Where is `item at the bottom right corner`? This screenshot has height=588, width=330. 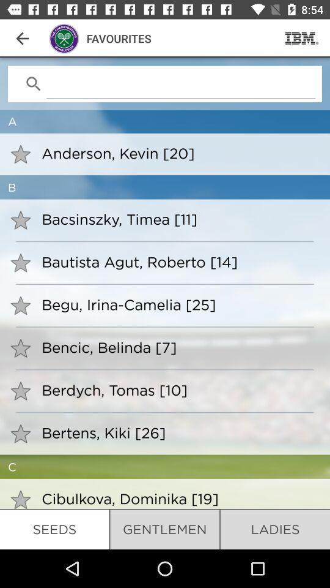
item at the bottom right corner is located at coordinates (275, 529).